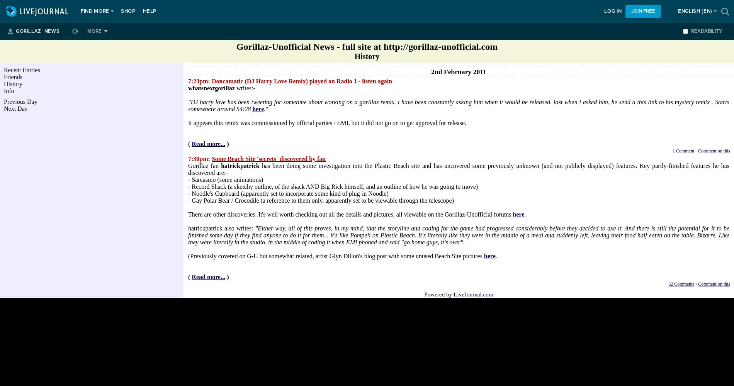  Describe the element at coordinates (22, 70) in the screenshot. I see `'Recent Entries'` at that location.